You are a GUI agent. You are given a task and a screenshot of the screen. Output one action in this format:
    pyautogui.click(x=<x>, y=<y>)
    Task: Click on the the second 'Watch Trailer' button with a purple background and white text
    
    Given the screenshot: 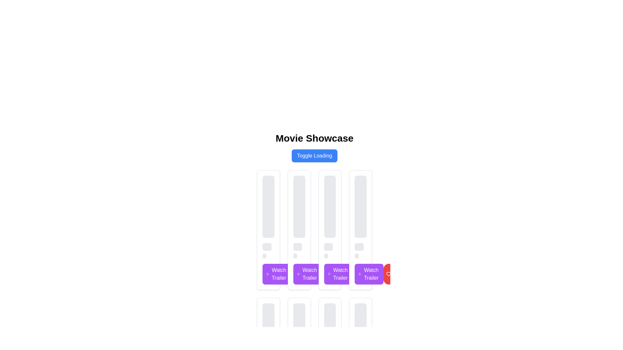 What is the action you would take?
    pyautogui.click(x=307, y=274)
    